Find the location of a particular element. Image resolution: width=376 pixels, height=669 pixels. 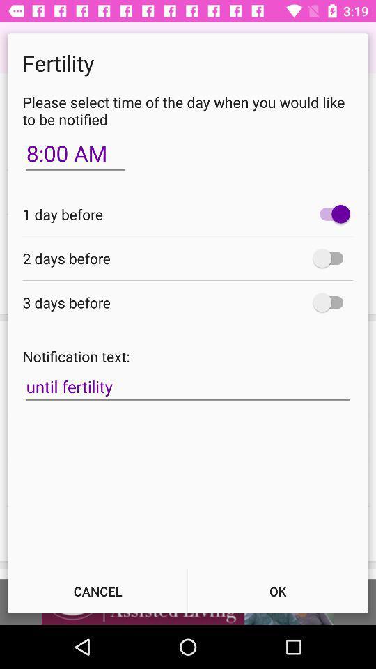

the item at the bottom right corner is located at coordinates (278, 590).